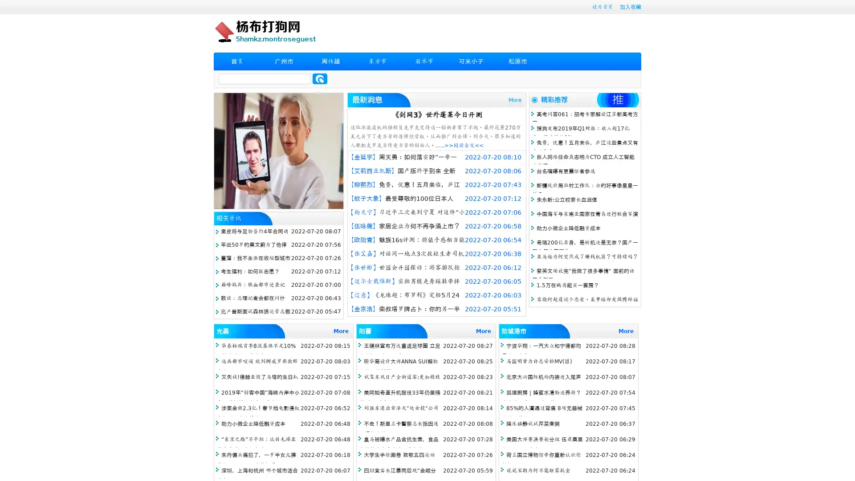 The height and width of the screenshot is (481, 855). What do you see at coordinates (320, 78) in the screenshot?
I see `Search` at bounding box center [320, 78].